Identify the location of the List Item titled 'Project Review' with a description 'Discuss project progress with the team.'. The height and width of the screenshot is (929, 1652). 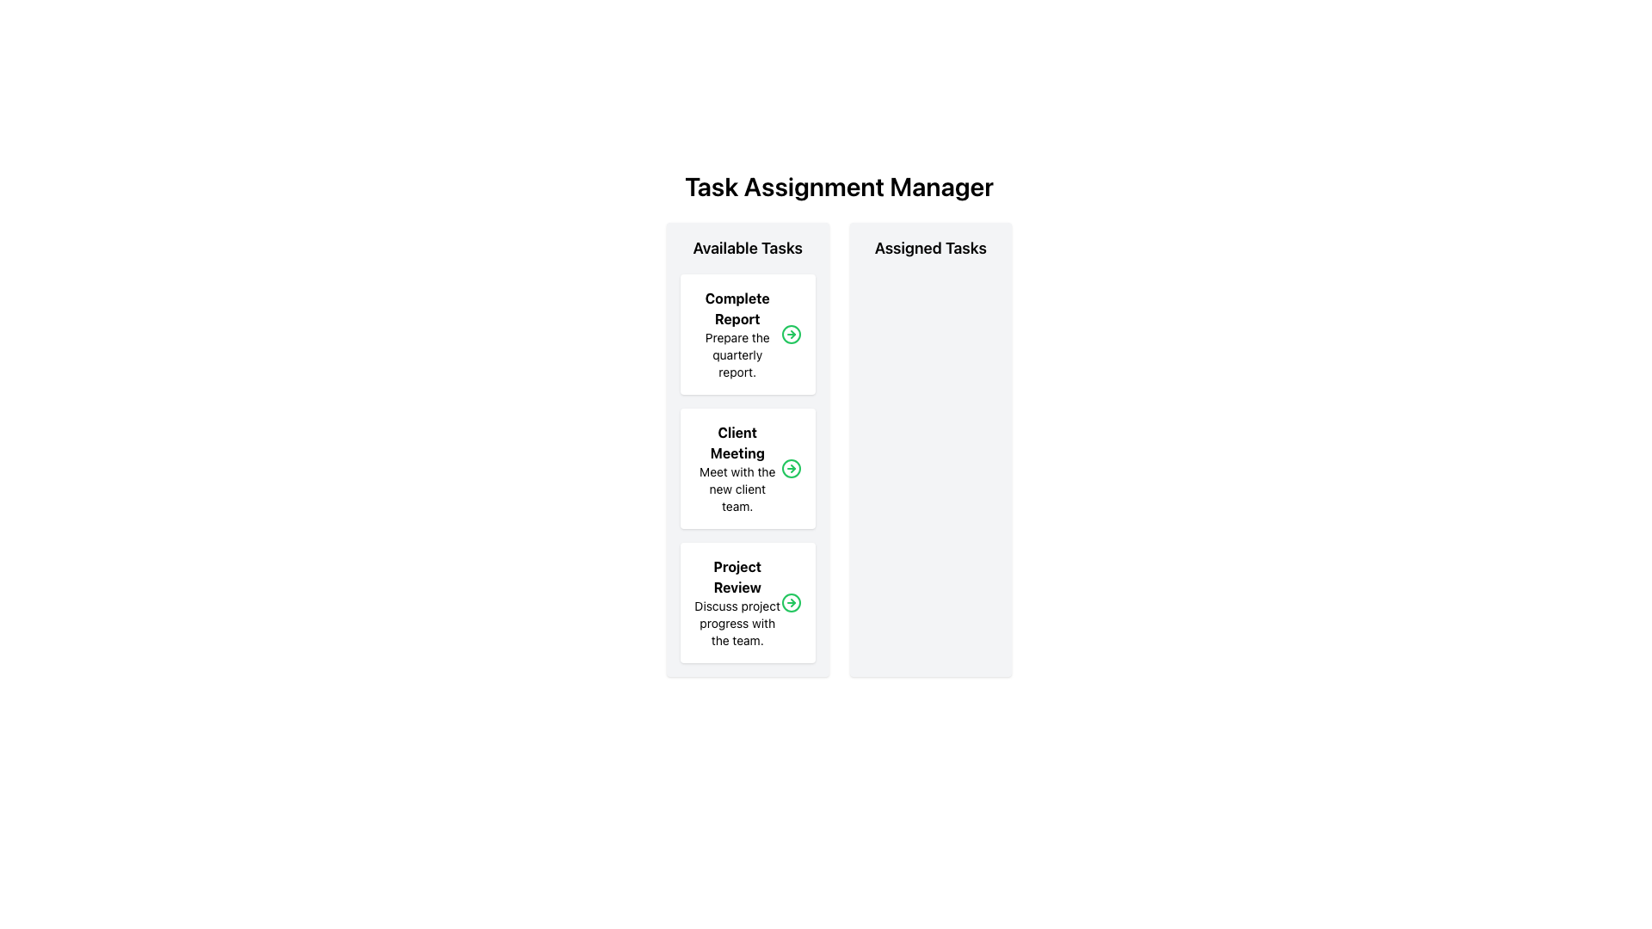
(737, 602).